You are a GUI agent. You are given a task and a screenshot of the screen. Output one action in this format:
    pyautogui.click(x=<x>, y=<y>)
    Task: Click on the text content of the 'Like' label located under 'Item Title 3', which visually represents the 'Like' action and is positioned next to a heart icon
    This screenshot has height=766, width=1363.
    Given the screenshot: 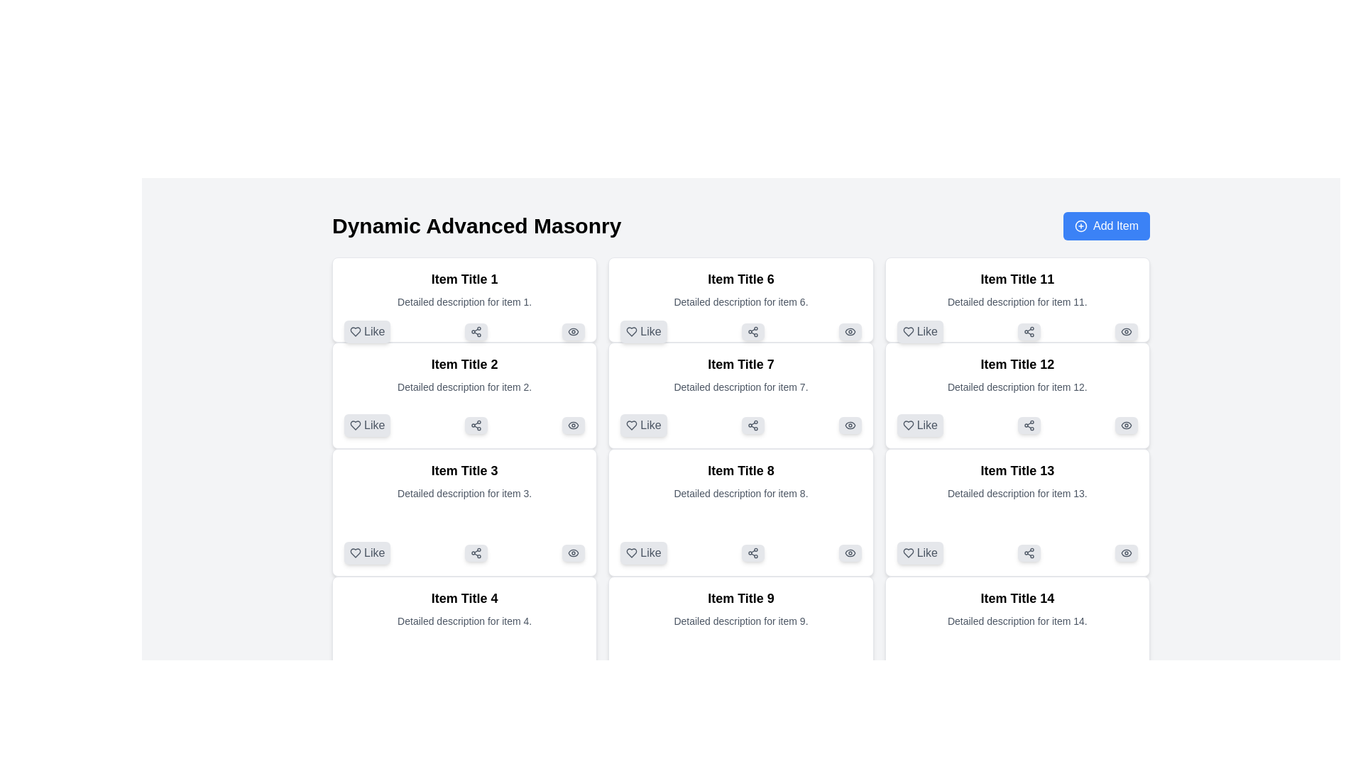 What is the action you would take?
    pyautogui.click(x=374, y=552)
    